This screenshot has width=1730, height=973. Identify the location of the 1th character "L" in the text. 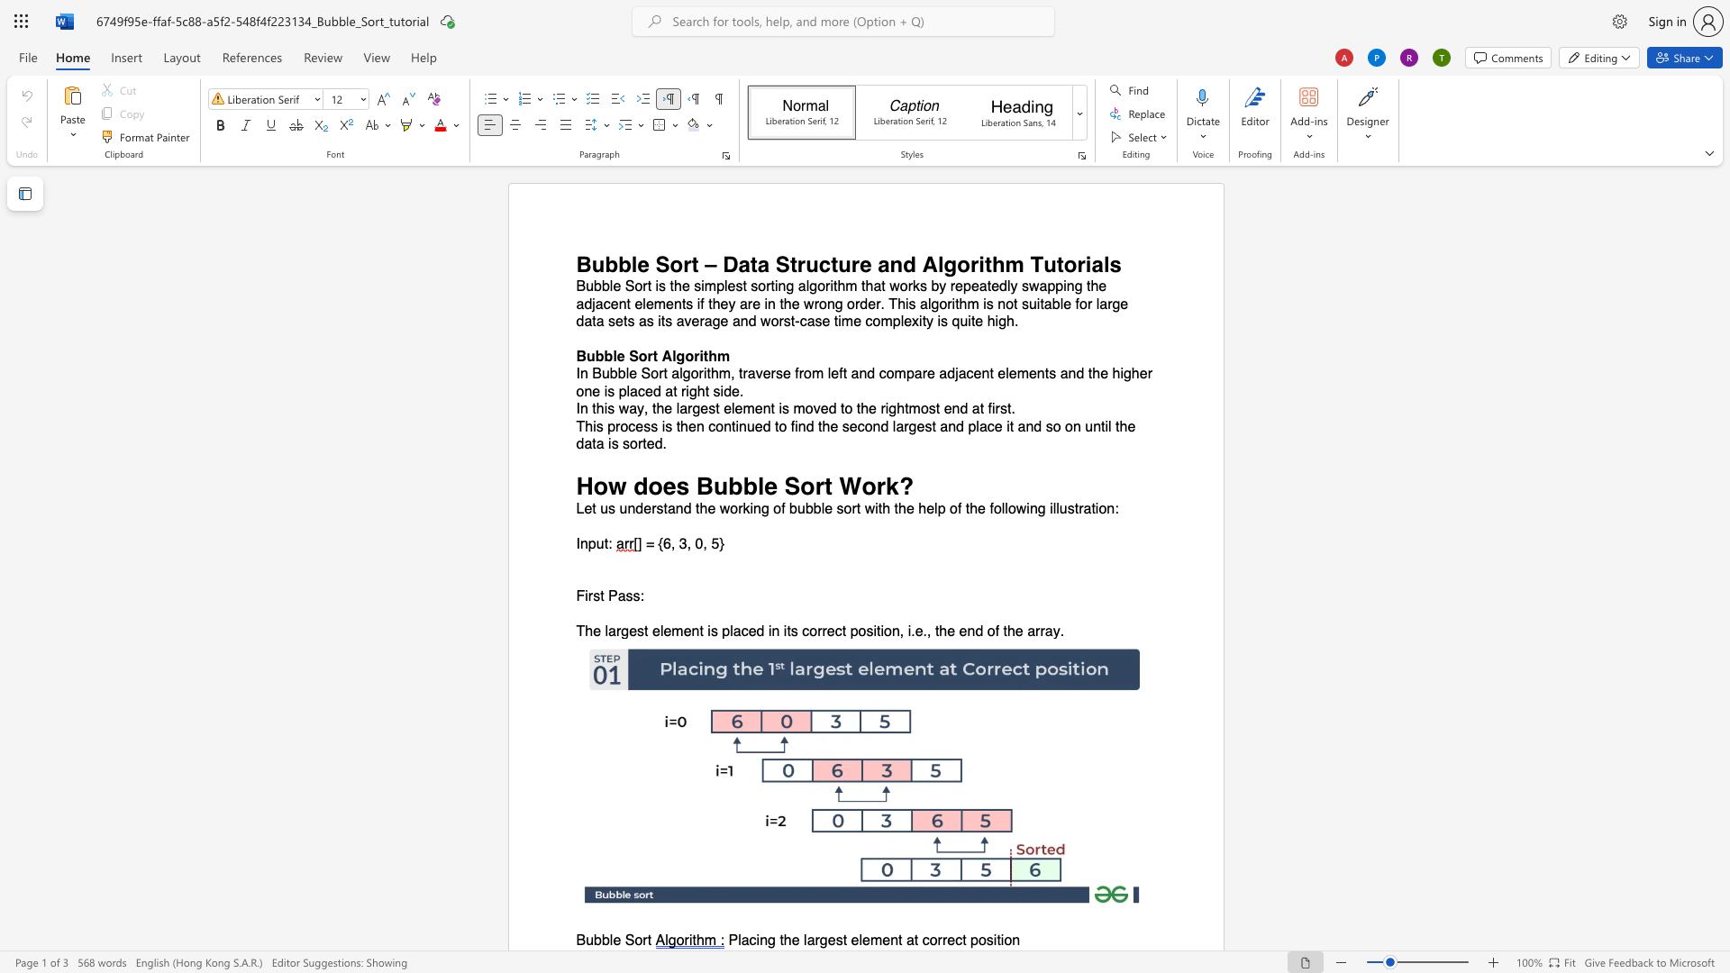
(579, 509).